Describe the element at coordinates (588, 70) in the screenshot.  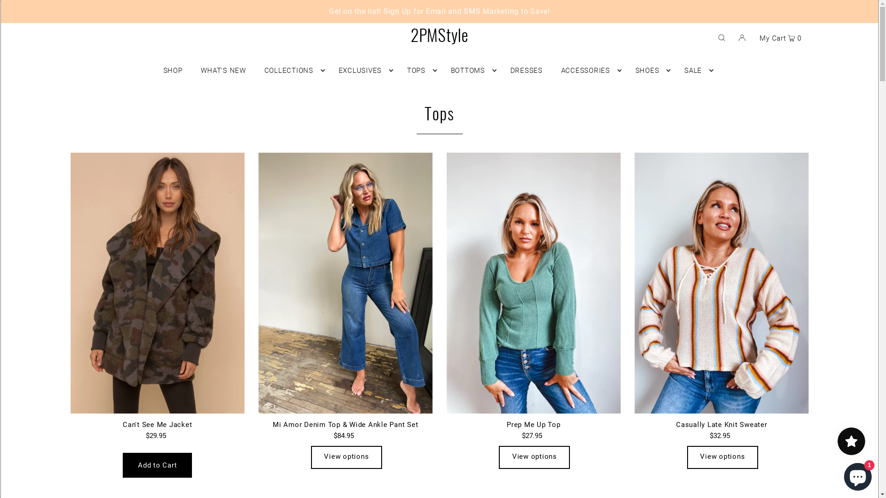
I see `'ACCESSORIES'` at that location.